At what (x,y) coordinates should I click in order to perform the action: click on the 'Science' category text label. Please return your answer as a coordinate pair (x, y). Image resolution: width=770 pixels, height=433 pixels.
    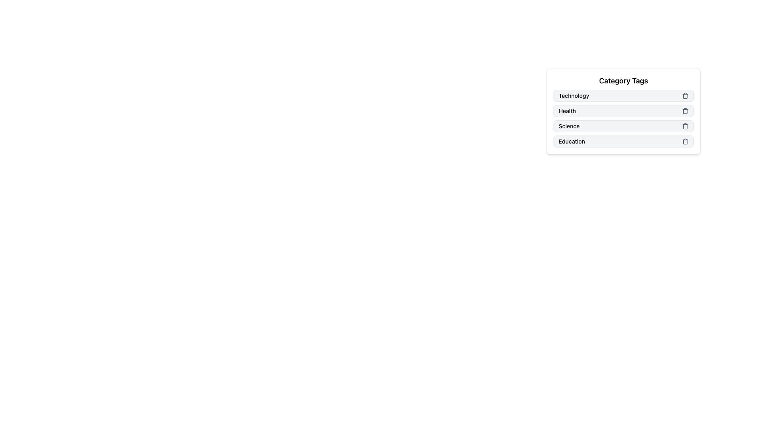
    Looking at the image, I should click on (569, 126).